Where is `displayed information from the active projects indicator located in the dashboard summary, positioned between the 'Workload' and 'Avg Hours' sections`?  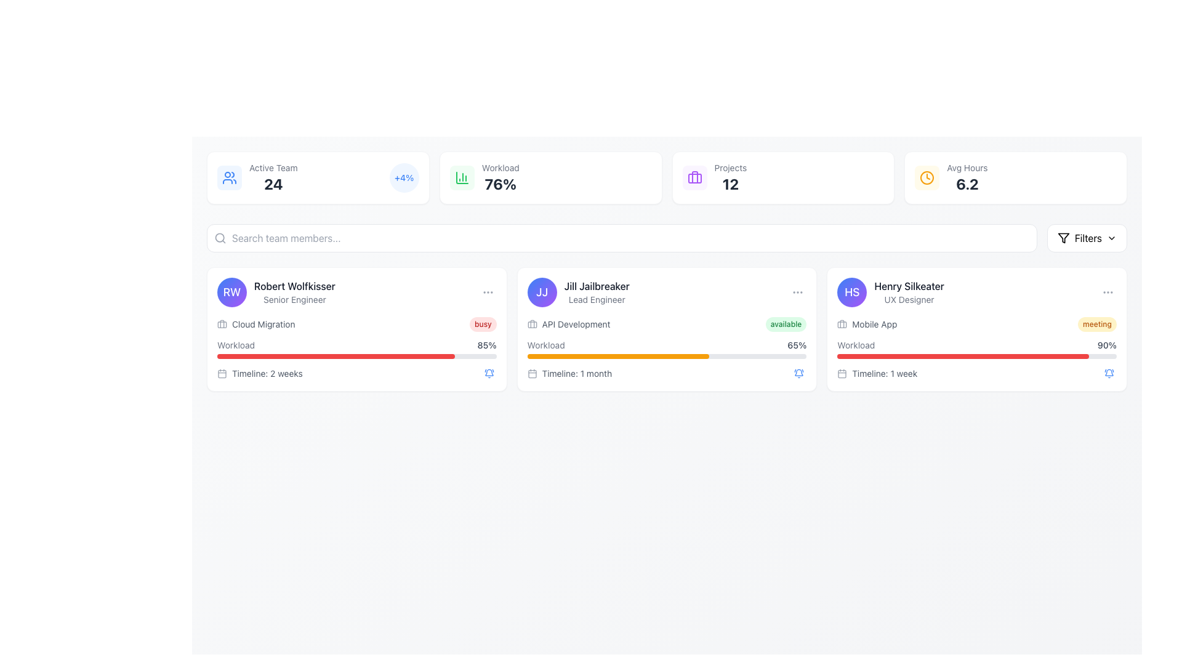 displayed information from the active projects indicator located in the dashboard summary, positioned between the 'Workload' and 'Avg Hours' sections is located at coordinates (714, 178).